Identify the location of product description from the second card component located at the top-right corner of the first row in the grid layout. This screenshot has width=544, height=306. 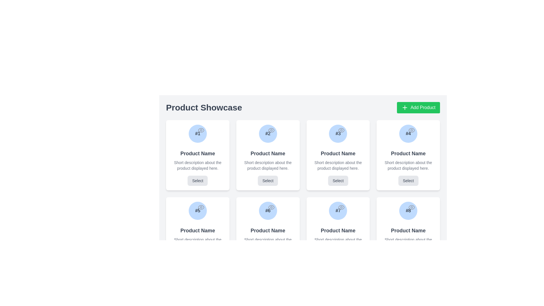
(267, 155).